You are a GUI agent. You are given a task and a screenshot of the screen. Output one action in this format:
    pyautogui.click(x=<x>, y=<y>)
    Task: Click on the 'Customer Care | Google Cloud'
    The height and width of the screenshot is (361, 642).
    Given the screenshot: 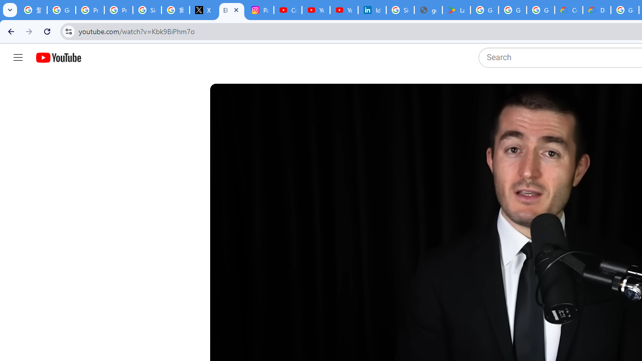 What is the action you would take?
    pyautogui.click(x=569, y=10)
    